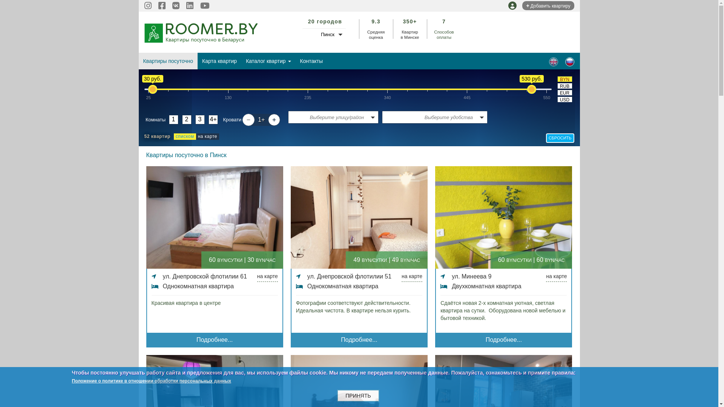 This screenshot has height=407, width=724. Describe the element at coordinates (554, 61) in the screenshot. I see `'English'` at that location.